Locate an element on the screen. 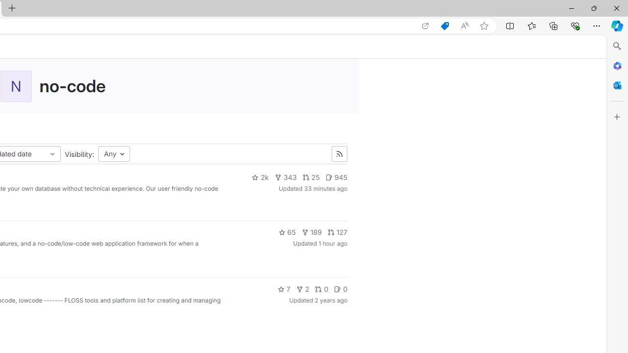 This screenshot has width=628, height=353. '945' is located at coordinates (336, 177).